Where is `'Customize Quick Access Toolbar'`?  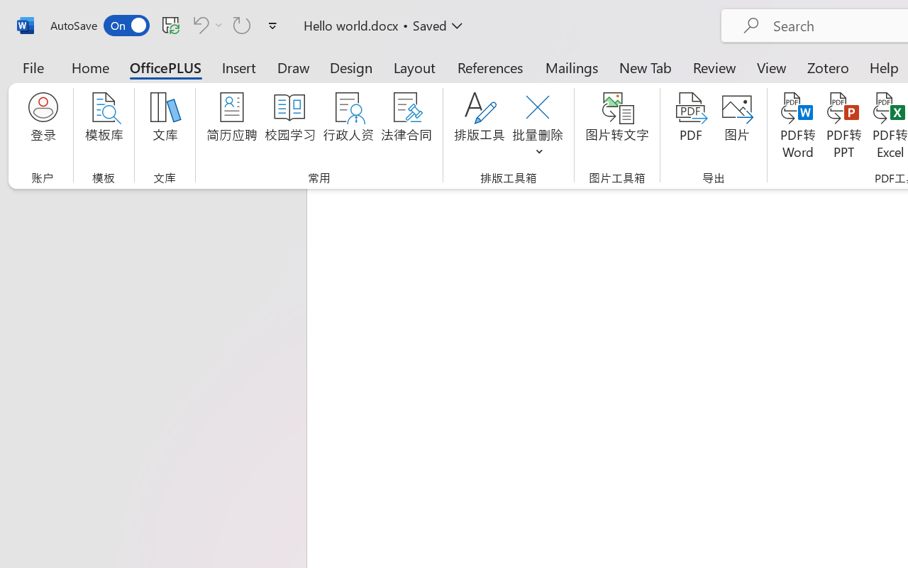 'Customize Quick Access Toolbar' is located at coordinates (272, 25).